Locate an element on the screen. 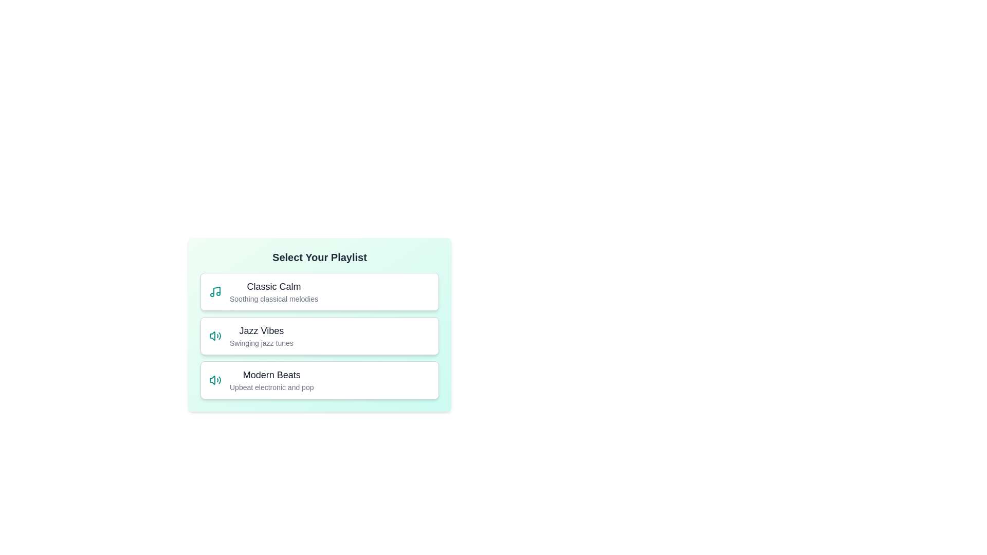 The height and width of the screenshot is (555, 987). the icon representing the playlist type for 'Classic Calm', located in the upper-left corner of the playlist item is located at coordinates (214, 291).